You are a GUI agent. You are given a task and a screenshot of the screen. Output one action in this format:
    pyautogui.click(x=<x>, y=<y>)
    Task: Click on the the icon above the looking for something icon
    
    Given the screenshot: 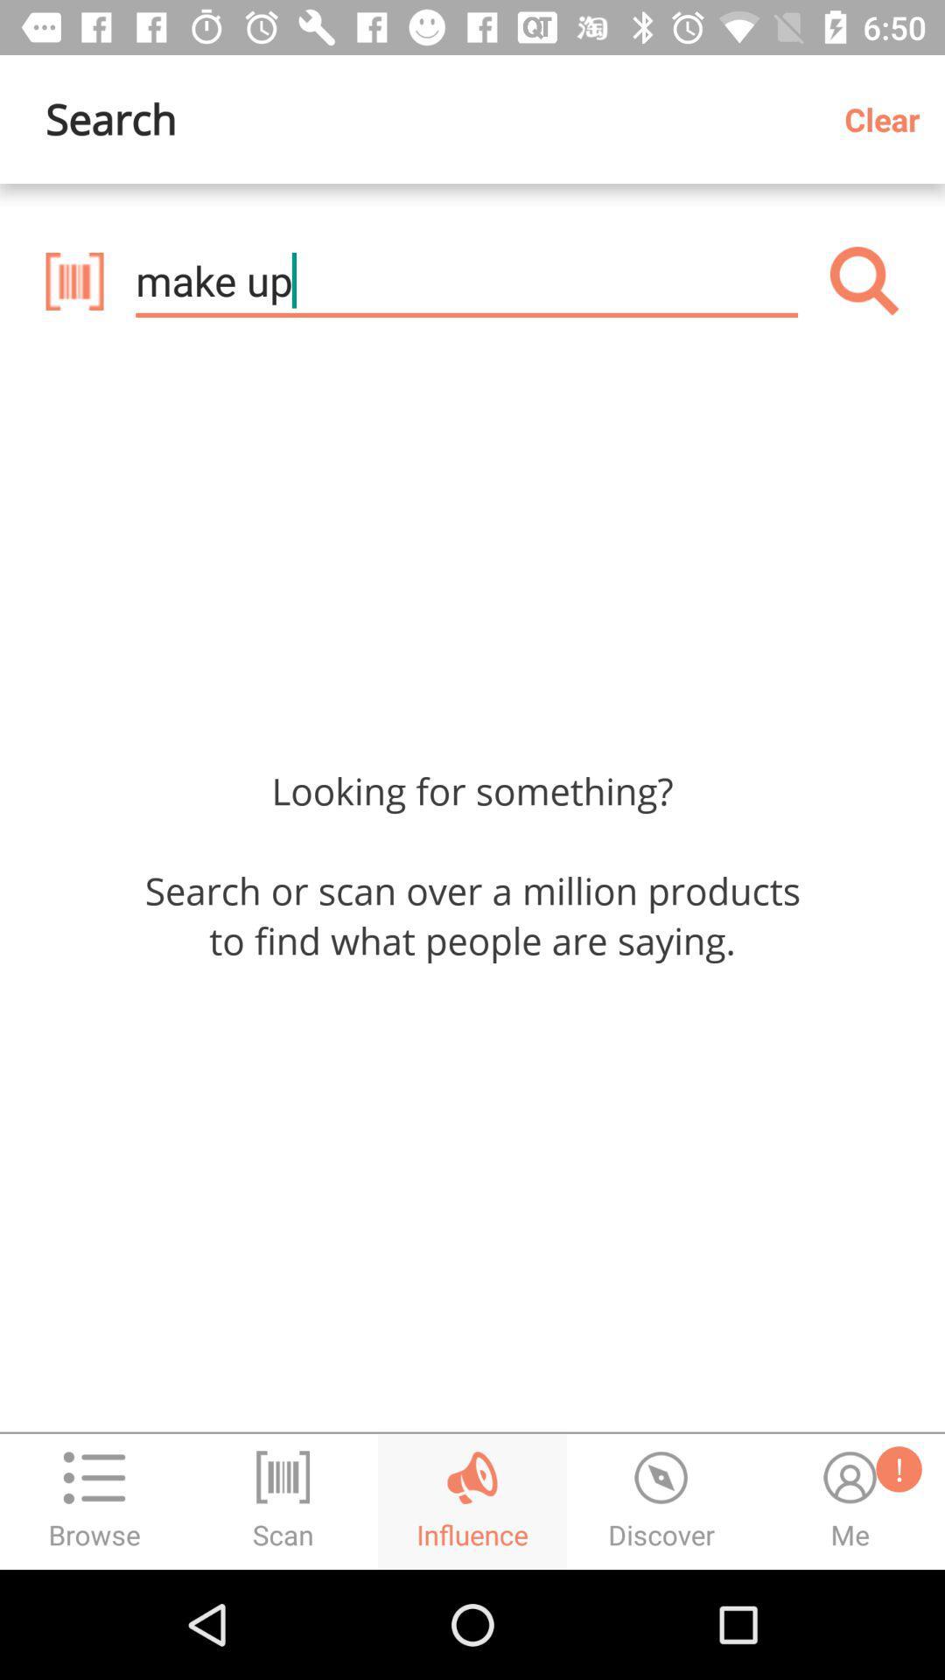 What is the action you would take?
    pyautogui.click(x=864, y=281)
    